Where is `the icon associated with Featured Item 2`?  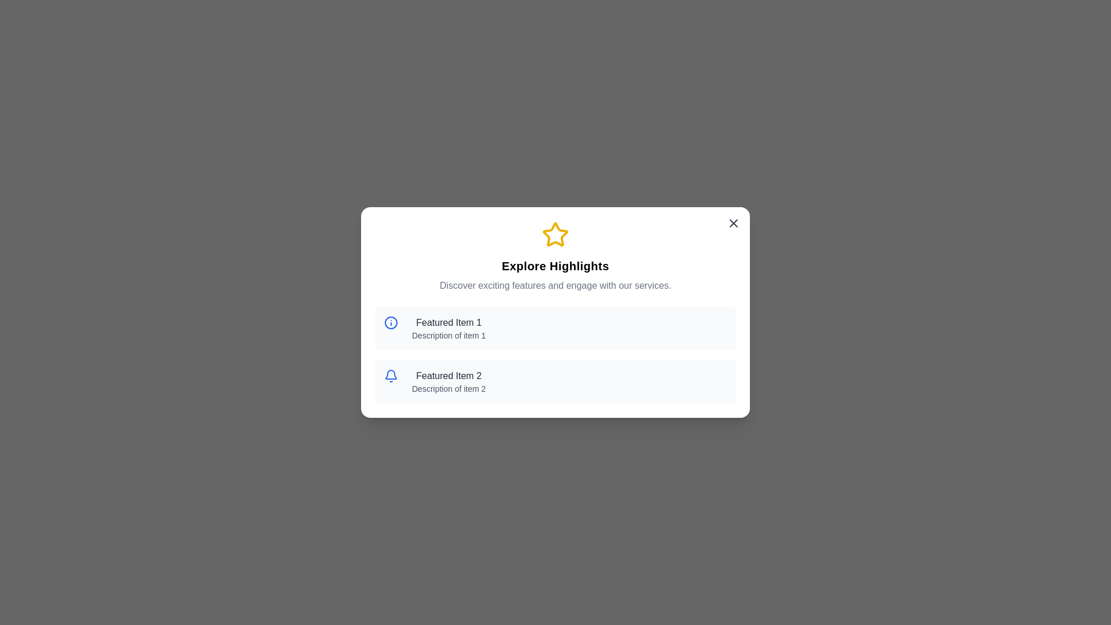
the icon associated with Featured Item 2 is located at coordinates (393, 378).